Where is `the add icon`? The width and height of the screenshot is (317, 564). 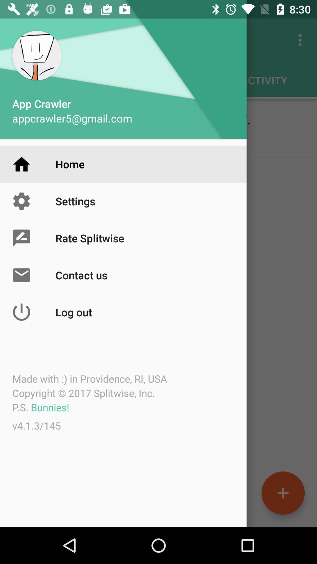
the add icon is located at coordinates (283, 493).